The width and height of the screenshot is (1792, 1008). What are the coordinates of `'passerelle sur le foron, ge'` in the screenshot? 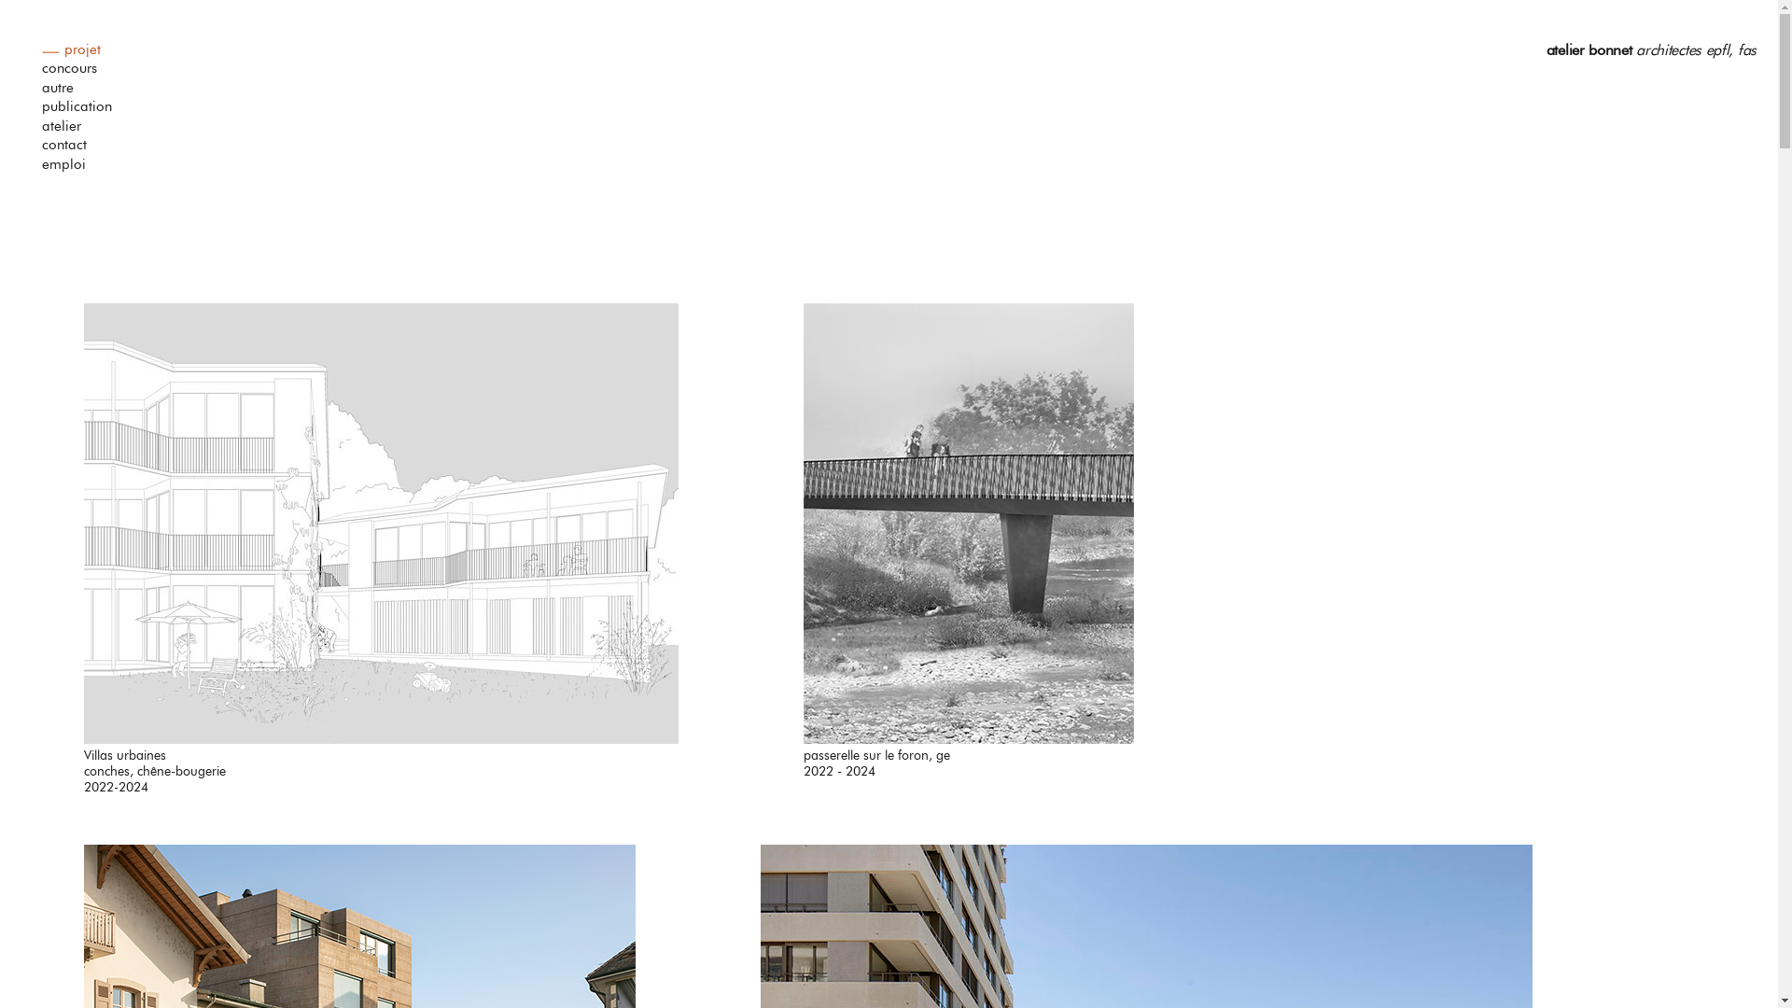 It's located at (968, 752).